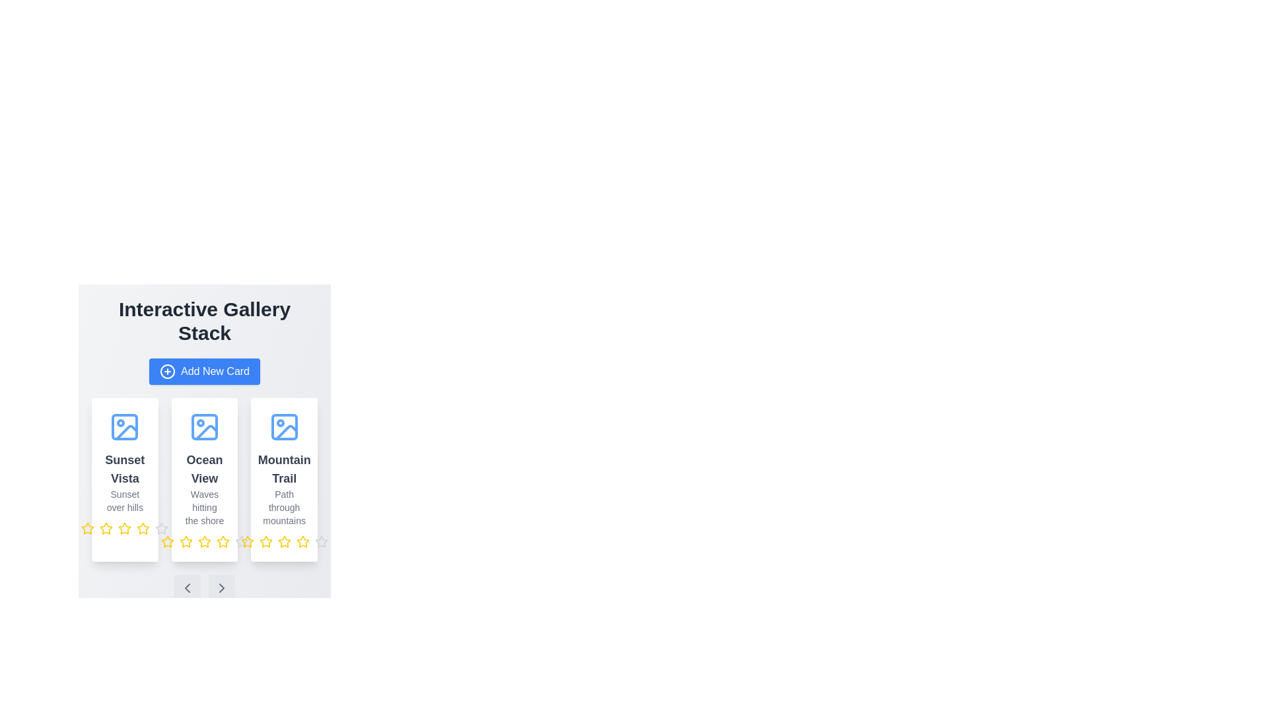 The width and height of the screenshot is (1268, 713). Describe the element at coordinates (186, 542) in the screenshot. I see `the third star from the left in the rating system below the 'Ocean View' card to indicate selection` at that location.